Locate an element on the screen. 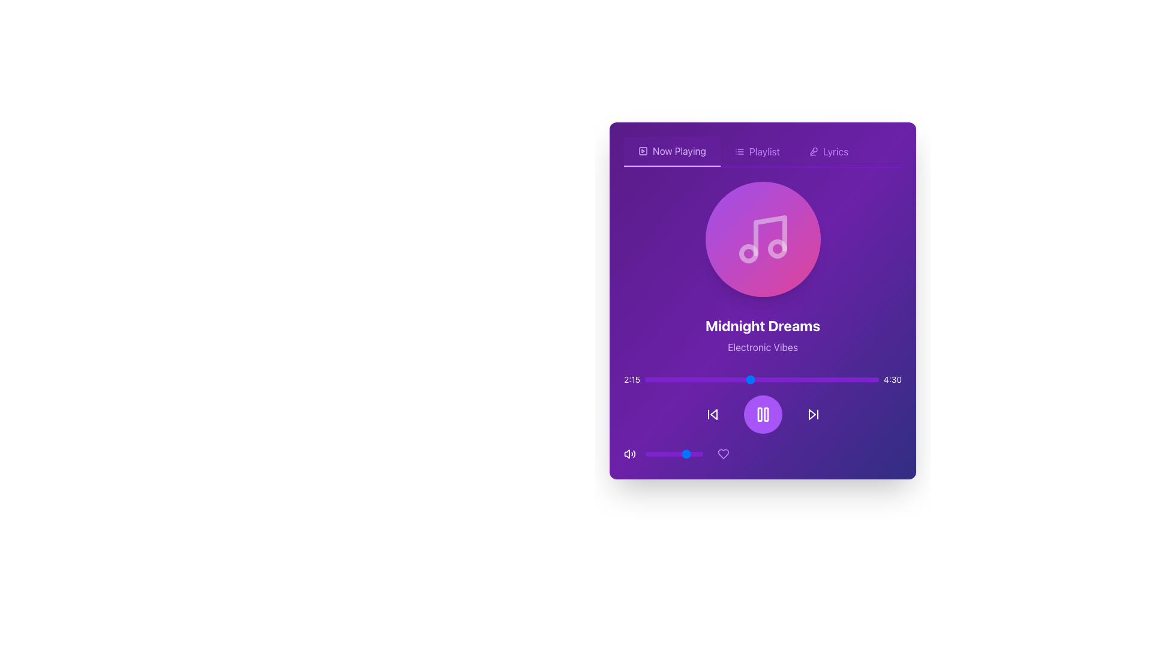 This screenshot has width=1152, height=648. the 'Lyrics' button, which is a stylized button featuring the text 'Lyrics' and a microphone icon, located in the top-right corner of the panel is located at coordinates (828, 151).